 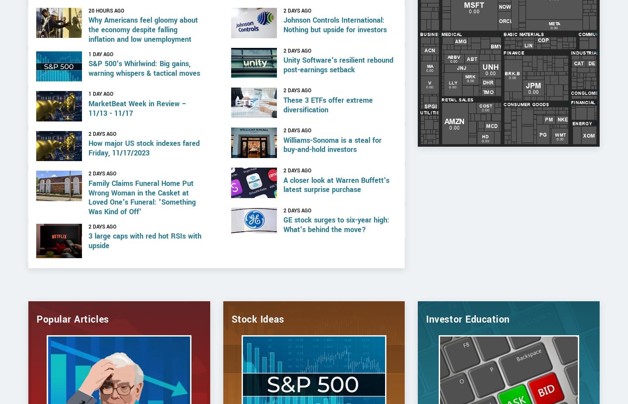 What do you see at coordinates (137, 136) in the screenshot?
I see `'MarketBeat Week in Review – 11/13 - 11/17'` at bounding box center [137, 136].